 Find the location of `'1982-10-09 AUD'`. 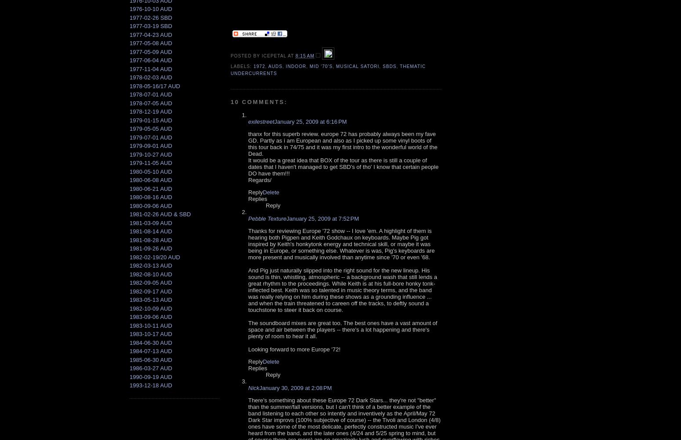

'1982-10-09 AUD' is located at coordinates (150, 308).